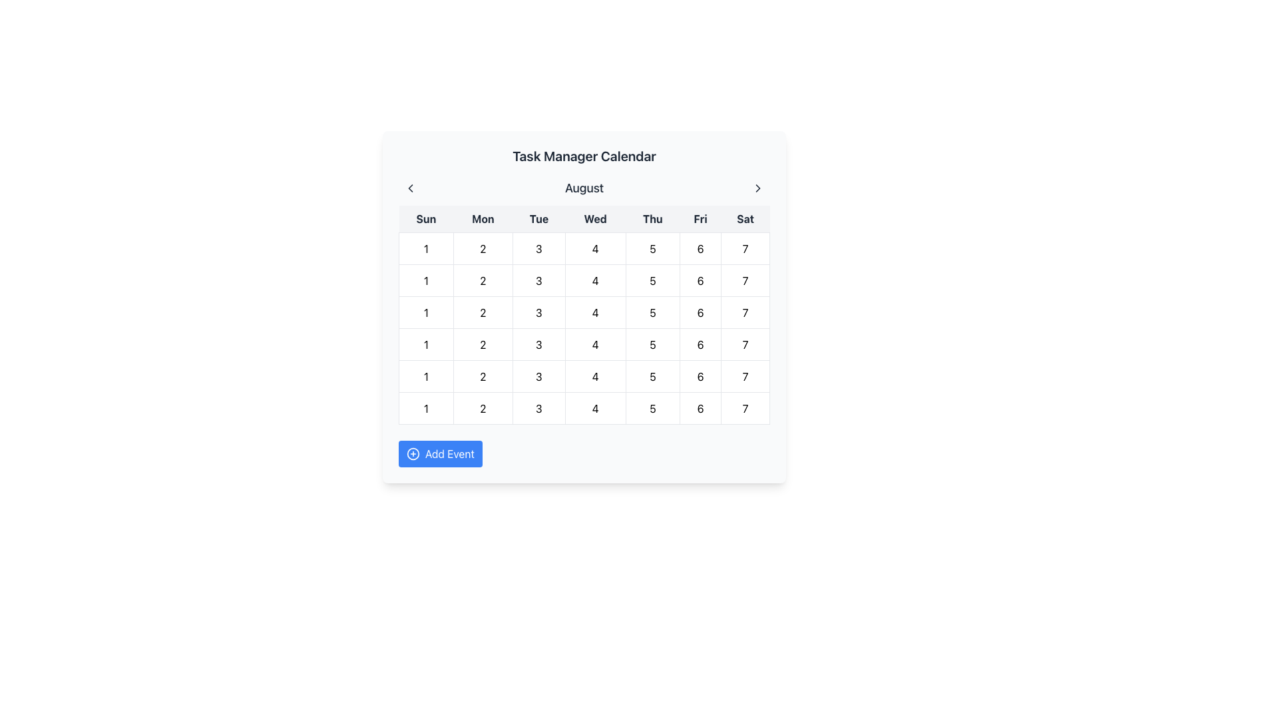 This screenshot has width=1278, height=719. Describe the element at coordinates (652, 376) in the screenshot. I see `the static text displaying the number '5' in the calendar grid, located in the fourth row and fifth column of the August calendar view` at that location.